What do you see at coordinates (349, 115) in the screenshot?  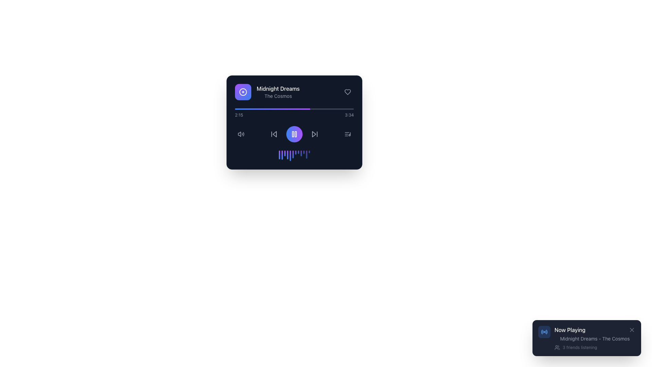 I see `the static text label displaying the total duration of the media, located at the far right of the media player's progress bar` at bounding box center [349, 115].